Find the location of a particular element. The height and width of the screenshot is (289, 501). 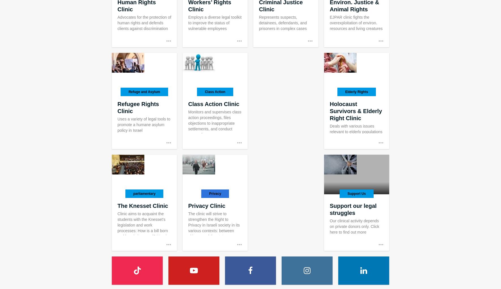

'Represents suspects, detainees, defendants, and prisoners in complex cases' is located at coordinates (258, 23).